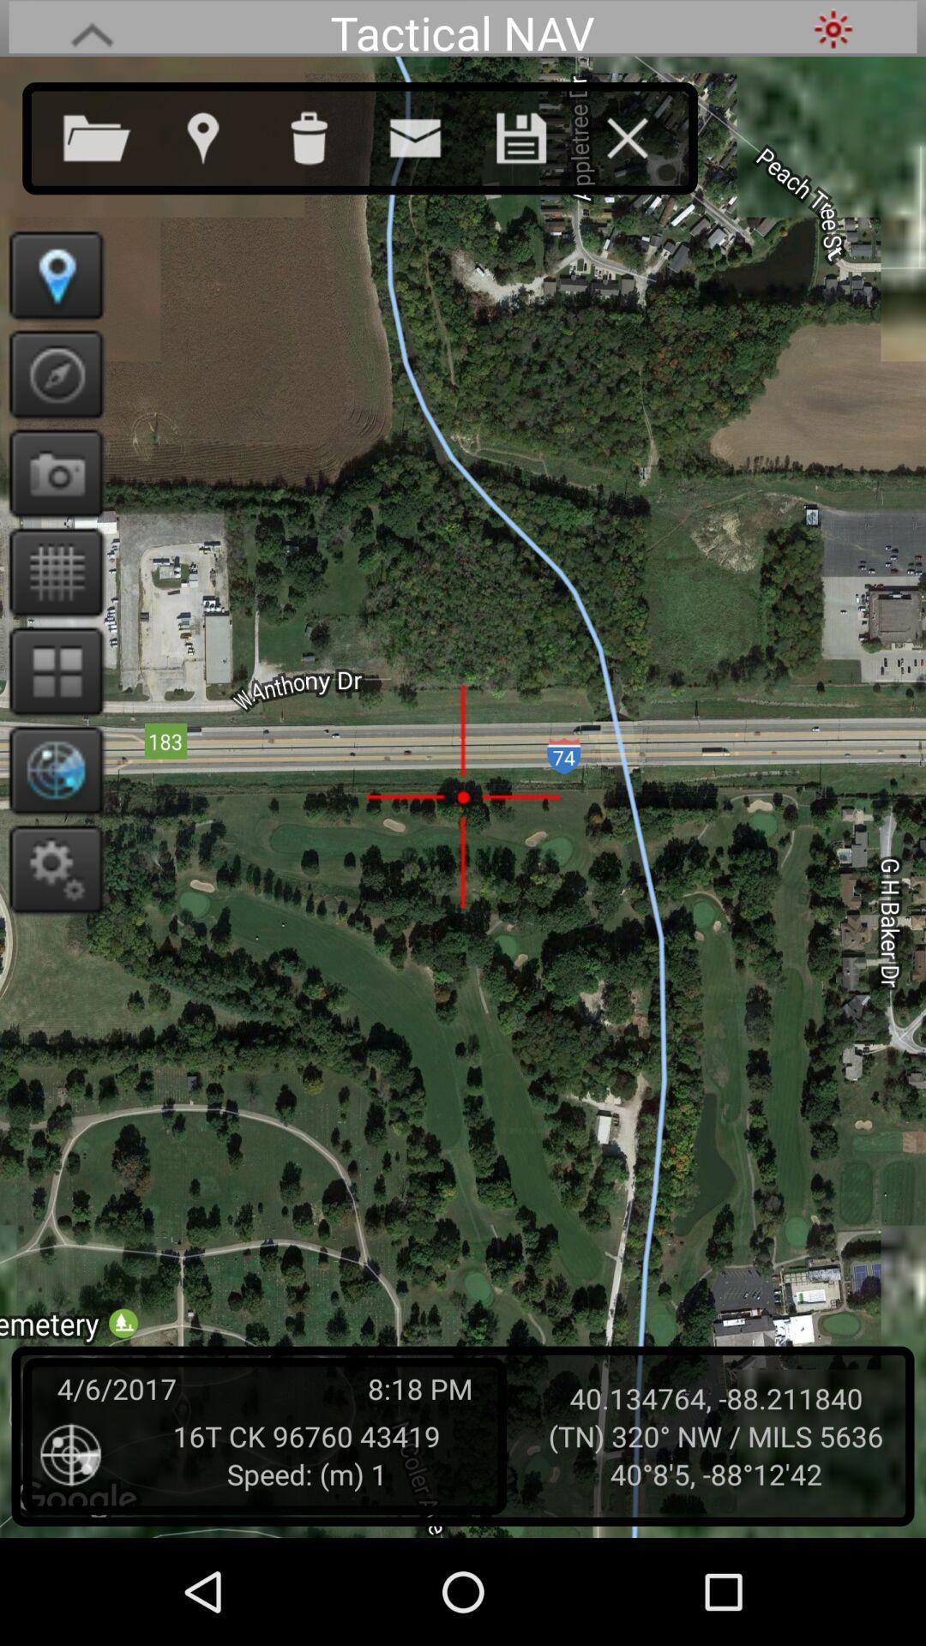  I want to click on the dashboard icon, so click(50, 718).